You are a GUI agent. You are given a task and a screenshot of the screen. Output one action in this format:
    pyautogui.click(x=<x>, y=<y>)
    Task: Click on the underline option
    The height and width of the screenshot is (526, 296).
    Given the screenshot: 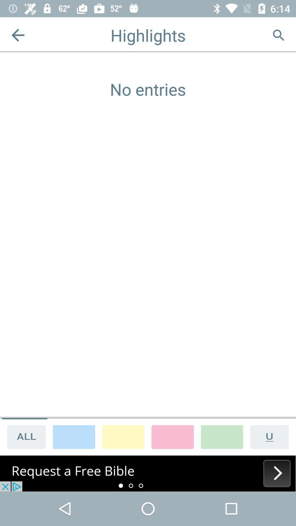 What is the action you would take?
    pyautogui.click(x=271, y=436)
    